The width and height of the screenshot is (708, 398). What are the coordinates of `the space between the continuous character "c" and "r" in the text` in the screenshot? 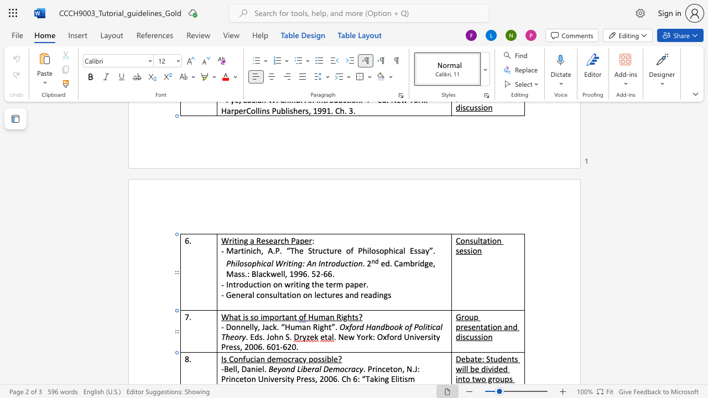 It's located at (291, 359).